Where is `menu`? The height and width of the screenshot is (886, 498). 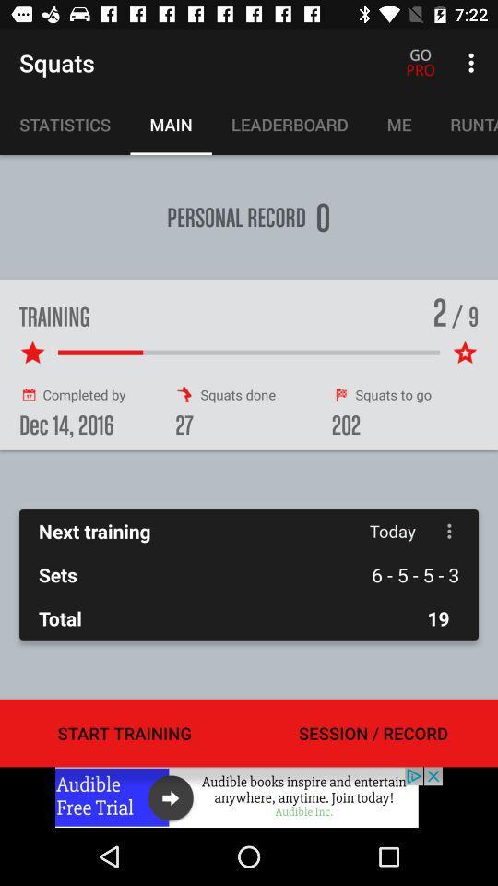
menu is located at coordinates (448, 531).